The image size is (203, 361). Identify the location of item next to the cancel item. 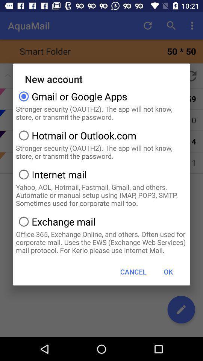
(168, 271).